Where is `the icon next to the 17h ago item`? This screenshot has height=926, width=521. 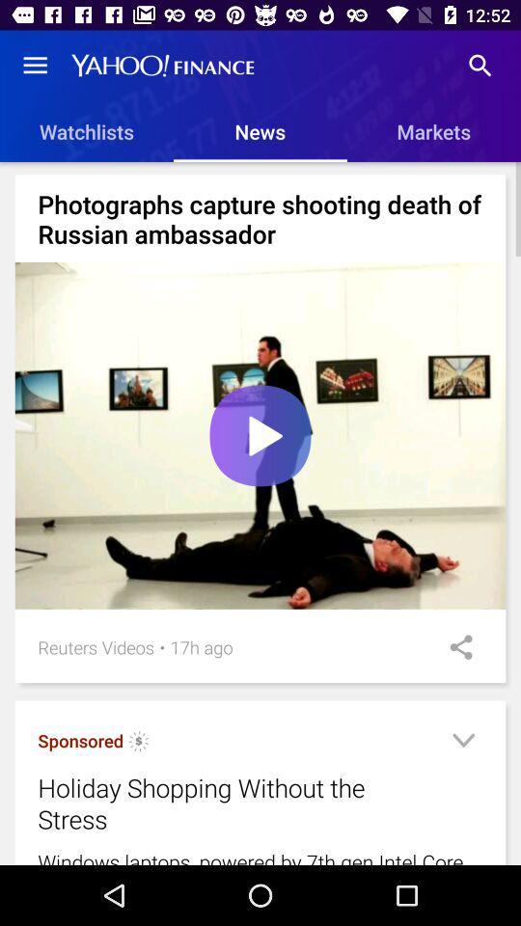
the icon next to the 17h ago item is located at coordinates (454, 647).